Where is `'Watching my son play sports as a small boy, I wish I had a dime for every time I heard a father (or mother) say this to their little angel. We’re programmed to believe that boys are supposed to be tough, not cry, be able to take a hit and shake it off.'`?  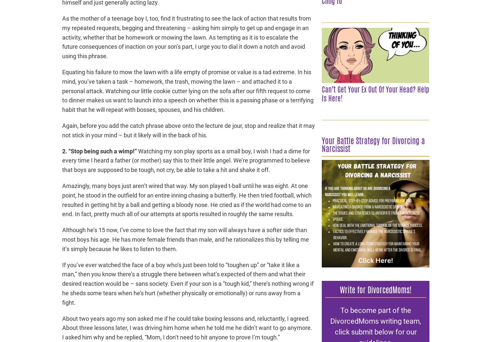 'Watching my son play sports as a small boy, I wish I had a dime for every time I heard a father (or mother) say this to their little angel. We’re programmed to believe that boys are supposed to be tough, not cry, be able to take a hit and shake it off.' is located at coordinates (62, 160).